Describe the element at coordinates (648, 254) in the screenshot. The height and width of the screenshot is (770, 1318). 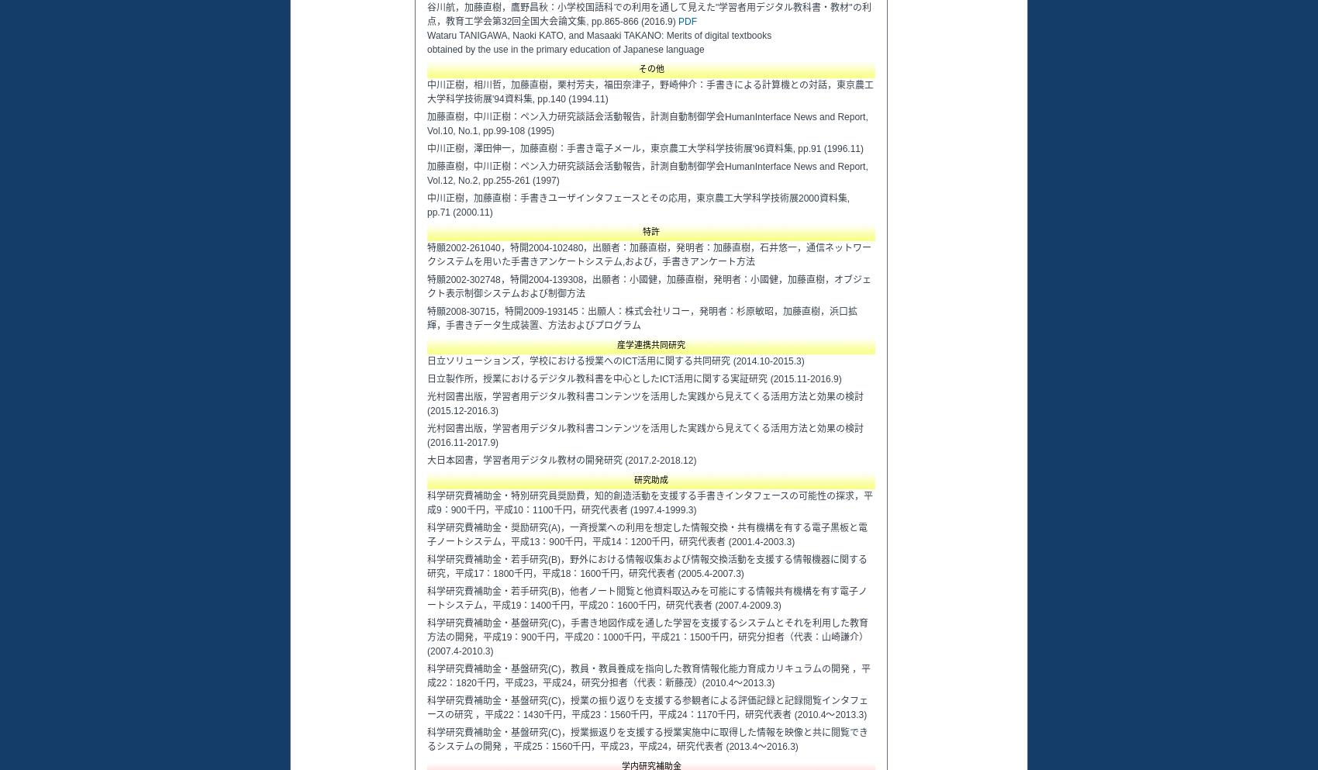
I see `'特願2002-261040，特開2004-102480，出願者：加藤直樹，発明者：加藤直樹，石井悠一，通信ネットワークシステムを用いた手書きアンケートシステム,および，手書きアンケート方法'` at that location.